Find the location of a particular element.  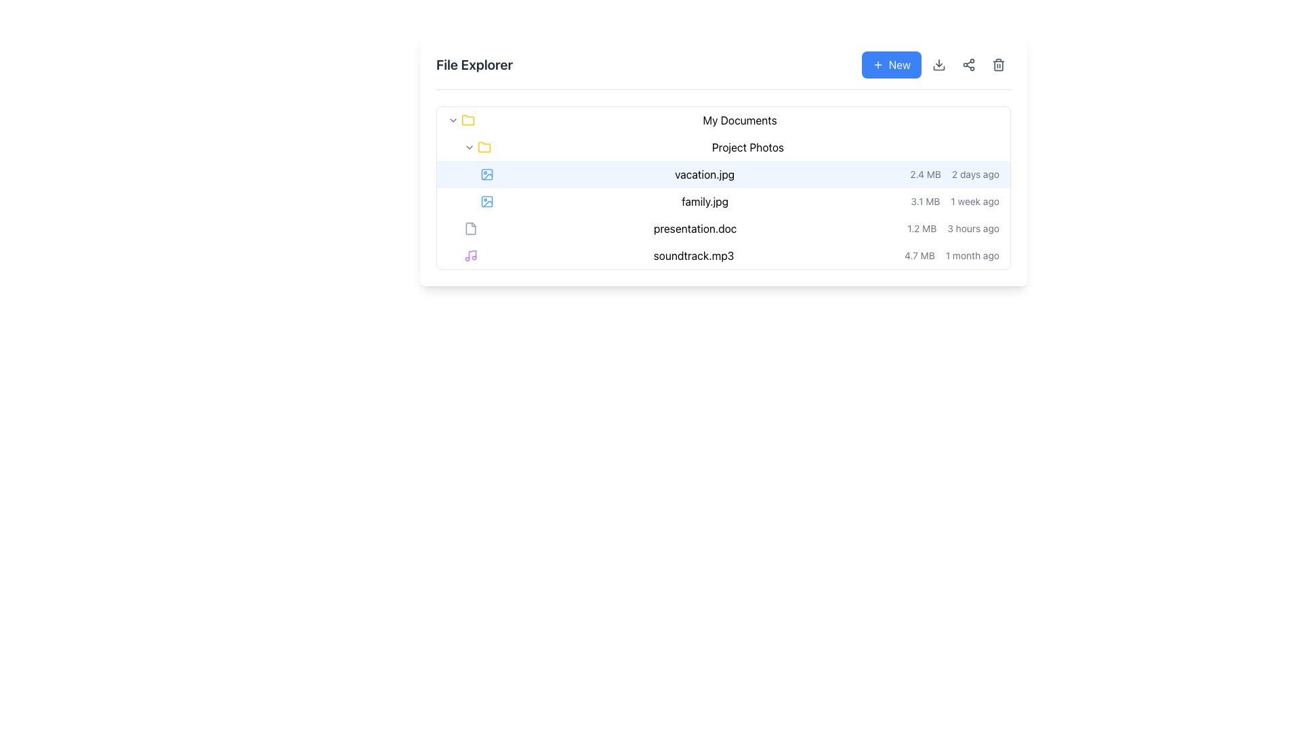

on the file entry component representing 'vacation.jpg' is located at coordinates (723, 174).